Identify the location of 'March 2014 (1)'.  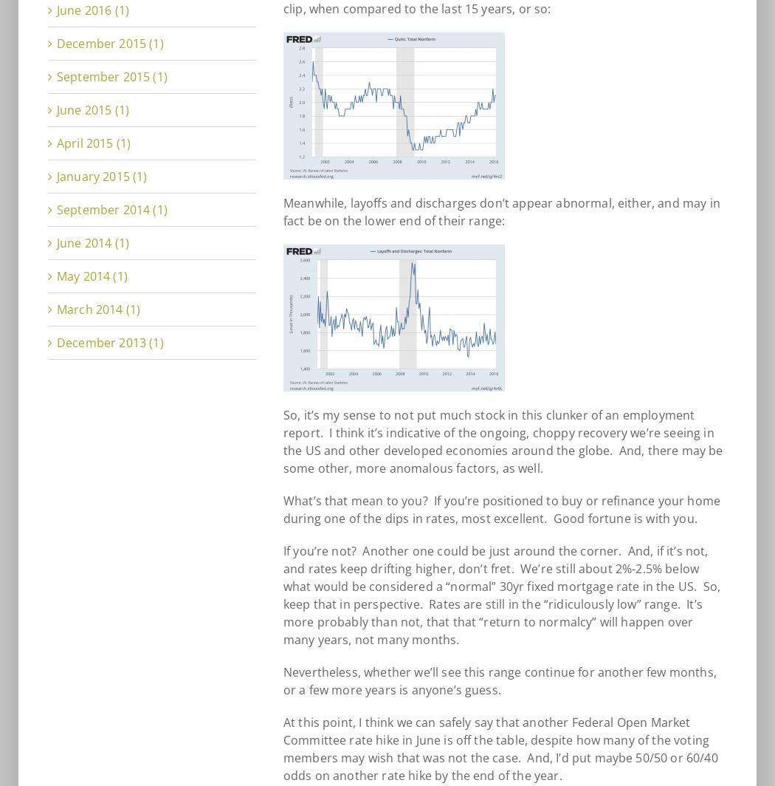
(97, 309).